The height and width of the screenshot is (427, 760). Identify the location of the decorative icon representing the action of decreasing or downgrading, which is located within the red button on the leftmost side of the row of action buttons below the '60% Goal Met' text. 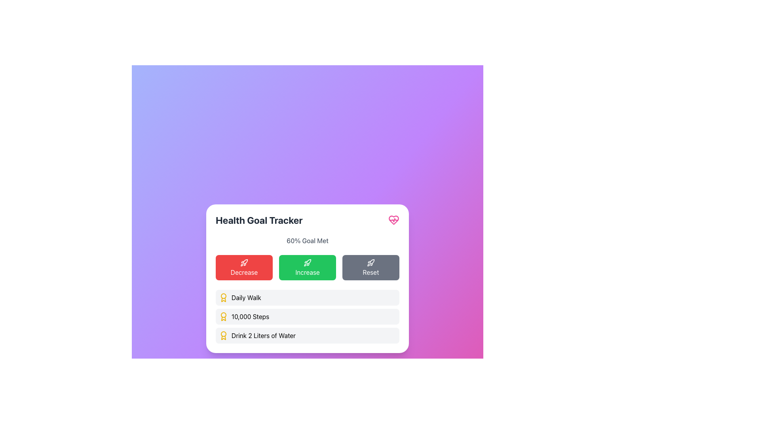
(244, 263).